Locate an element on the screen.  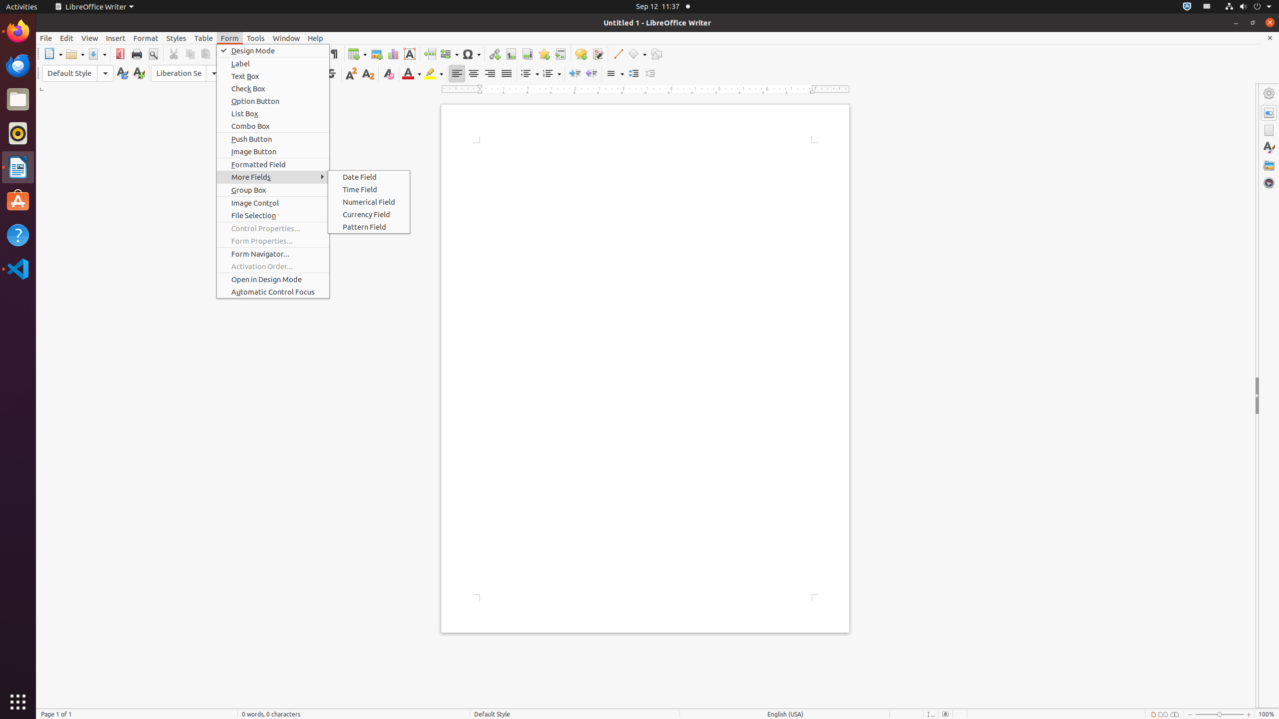
'Copy' is located at coordinates (189, 53).